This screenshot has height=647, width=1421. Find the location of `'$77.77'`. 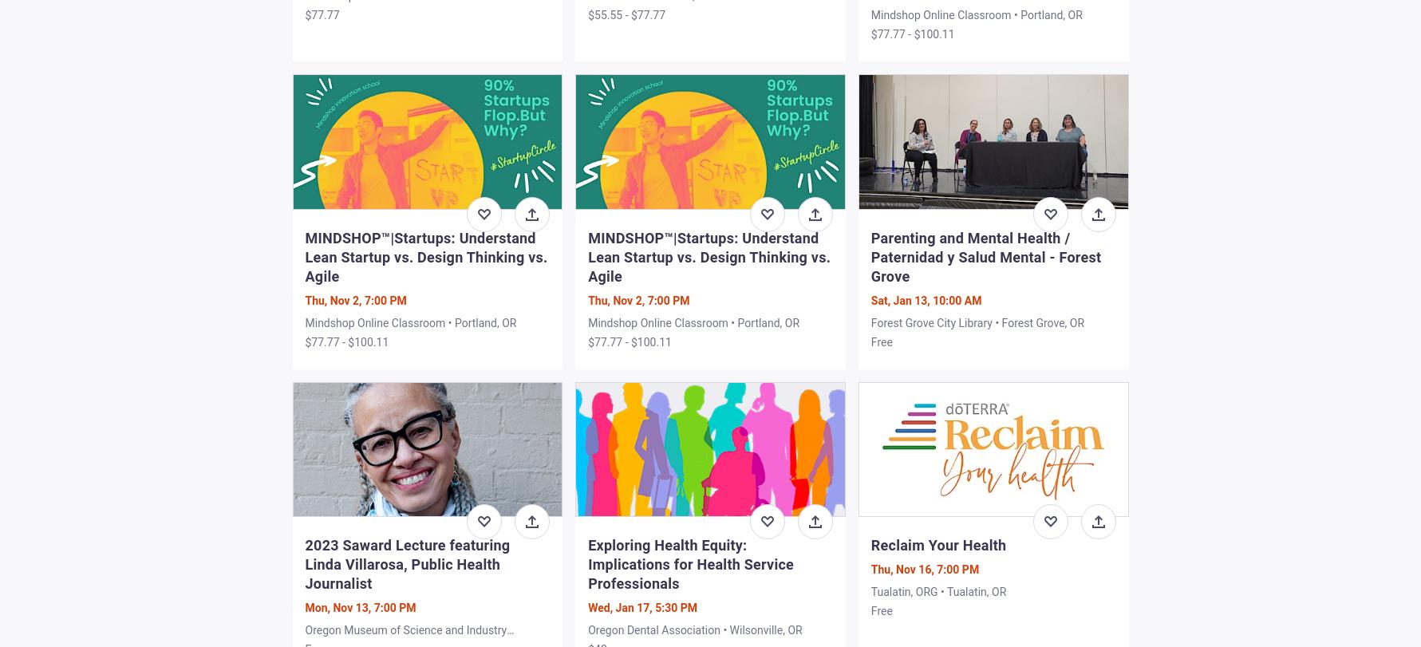

'$77.77' is located at coordinates (322, 14).